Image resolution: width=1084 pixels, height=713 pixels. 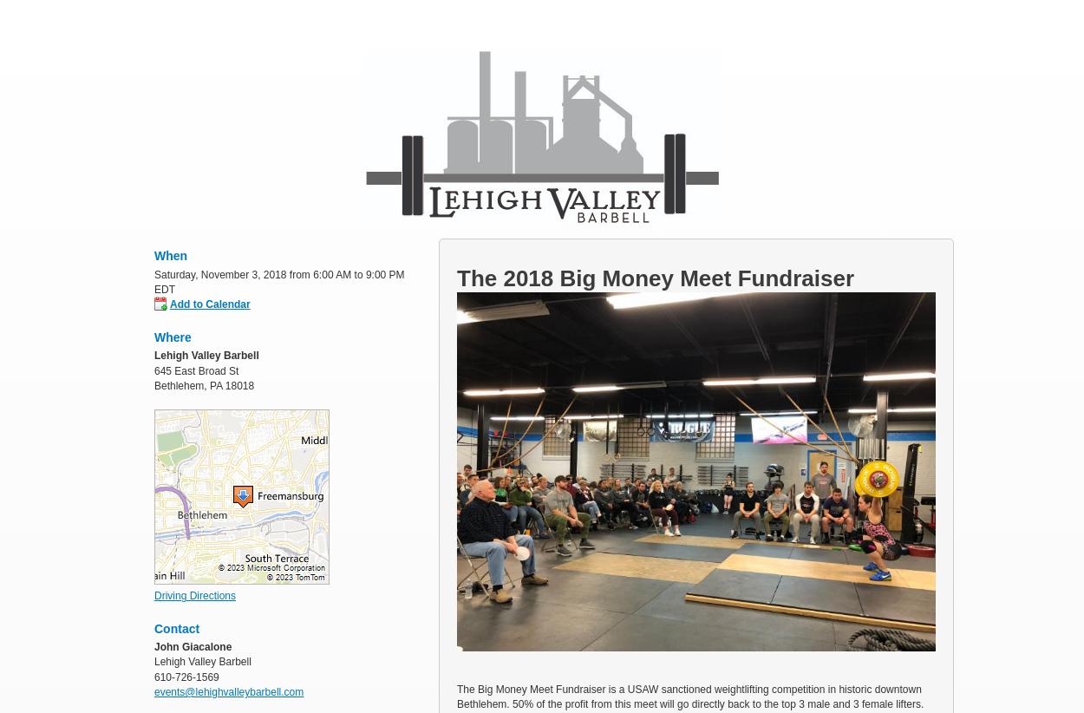 I want to click on 'John Giacalone', so click(x=154, y=644).